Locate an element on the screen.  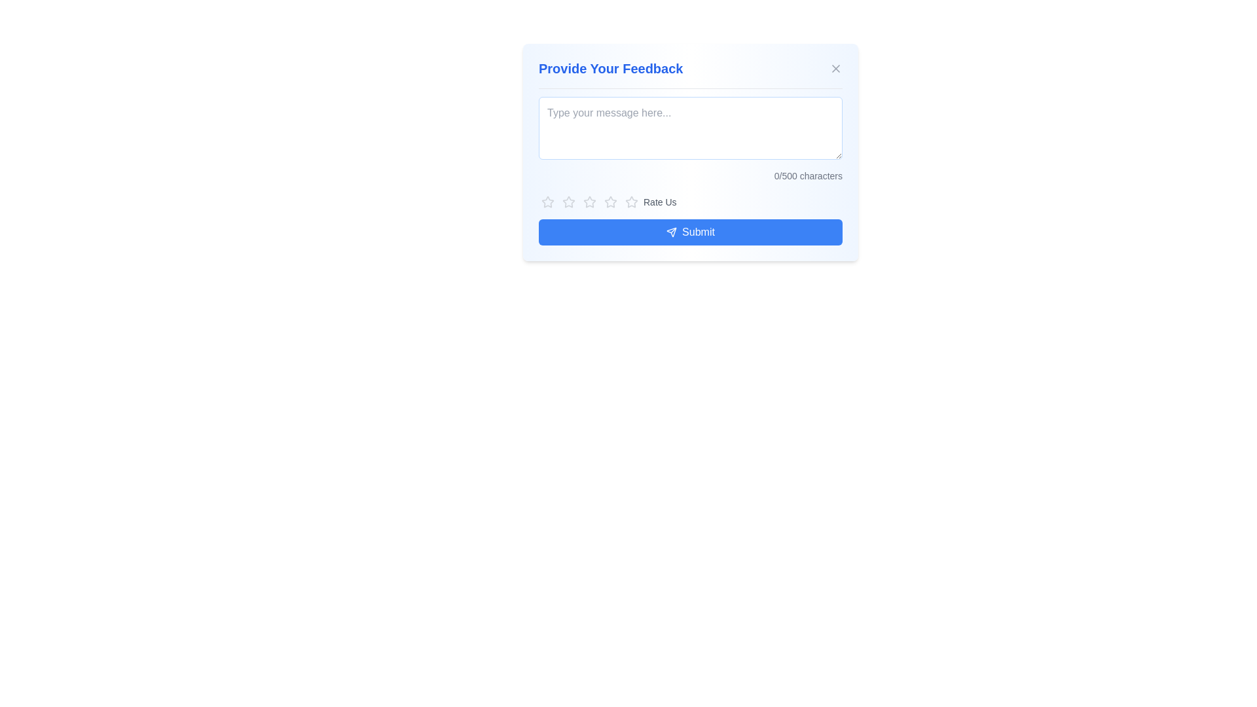
the fourth star icon in the feedback section is located at coordinates (631, 202).